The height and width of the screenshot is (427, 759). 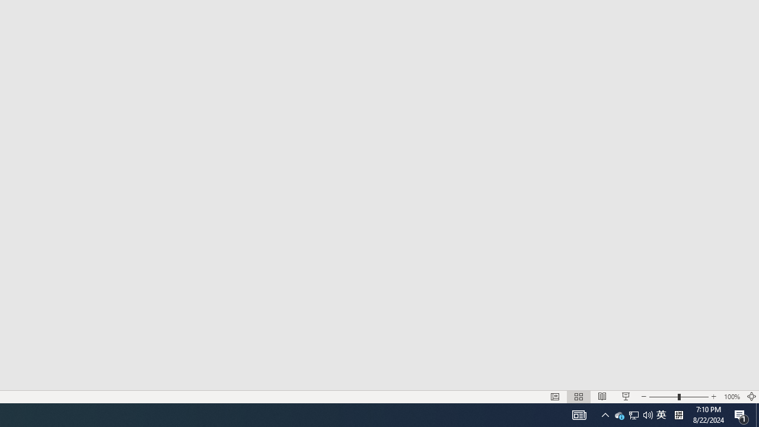 What do you see at coordinates (602, 397) in the screenshot?
I see `'Reading View'` at bounding box center [602, 397].